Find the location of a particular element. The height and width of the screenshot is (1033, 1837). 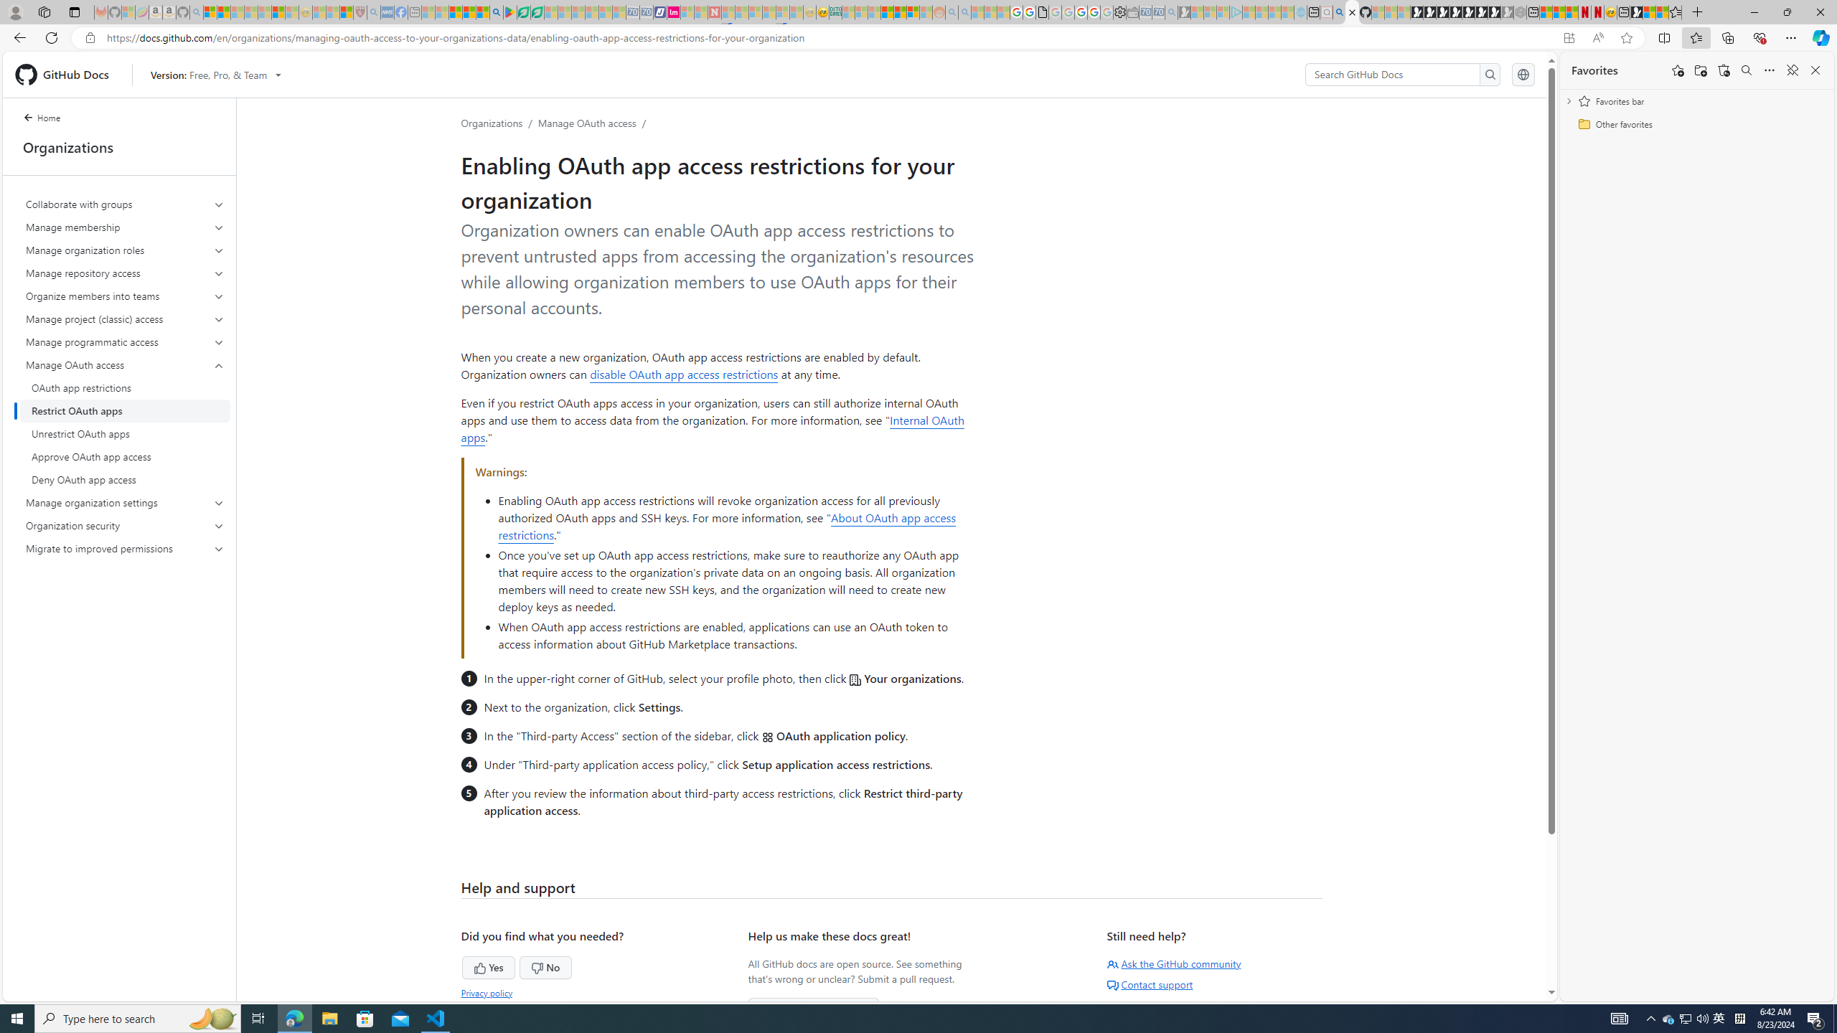

'Add folder' is located at coordinates (1699, 69).